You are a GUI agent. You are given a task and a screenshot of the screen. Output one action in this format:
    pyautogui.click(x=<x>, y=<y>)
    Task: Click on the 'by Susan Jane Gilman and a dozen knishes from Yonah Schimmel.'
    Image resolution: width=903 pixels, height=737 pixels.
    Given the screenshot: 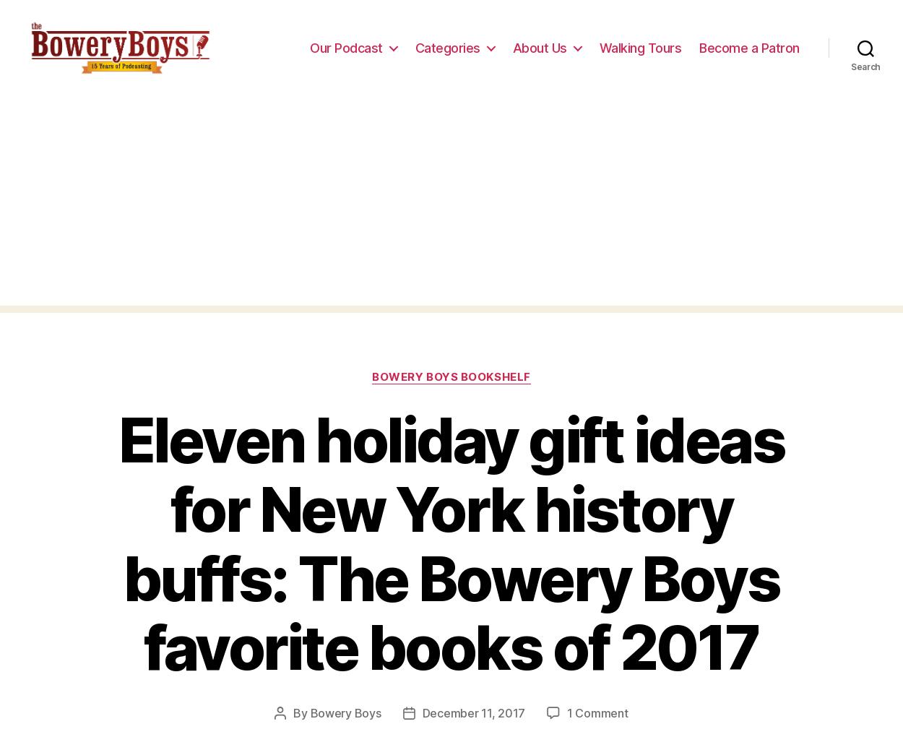 What is the action you would take?
    pyautogui.click(x=440, y=178)
    